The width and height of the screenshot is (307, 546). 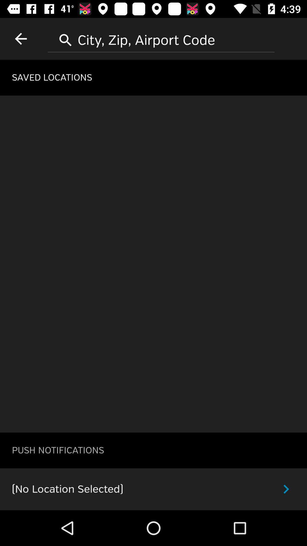 I want to click on the item below the saved locations icon, so click(x=153, y=264).